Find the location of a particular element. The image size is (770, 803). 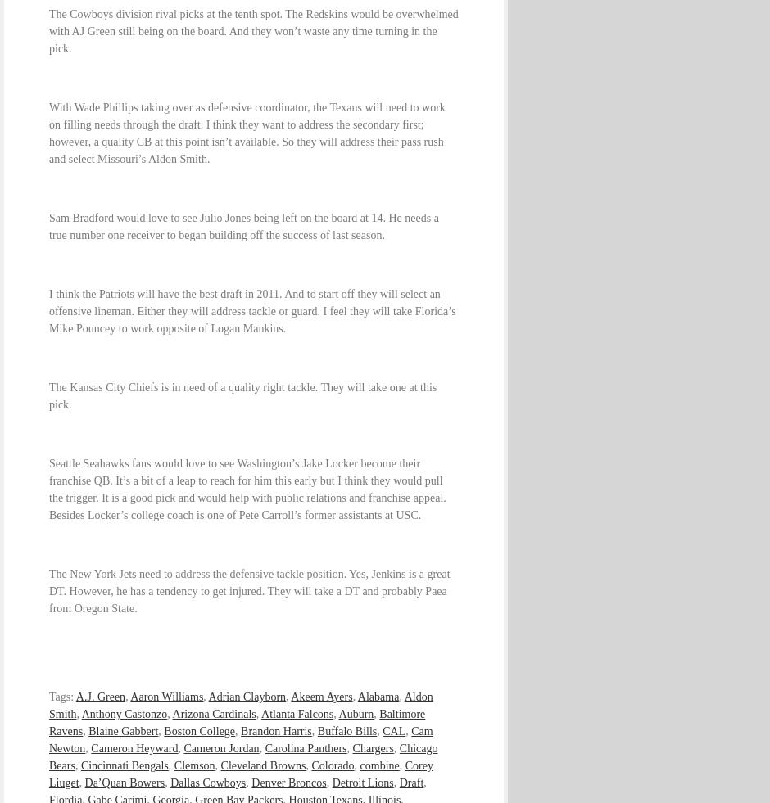

'Akeem Ayers' is located at coordinates (290, 697).